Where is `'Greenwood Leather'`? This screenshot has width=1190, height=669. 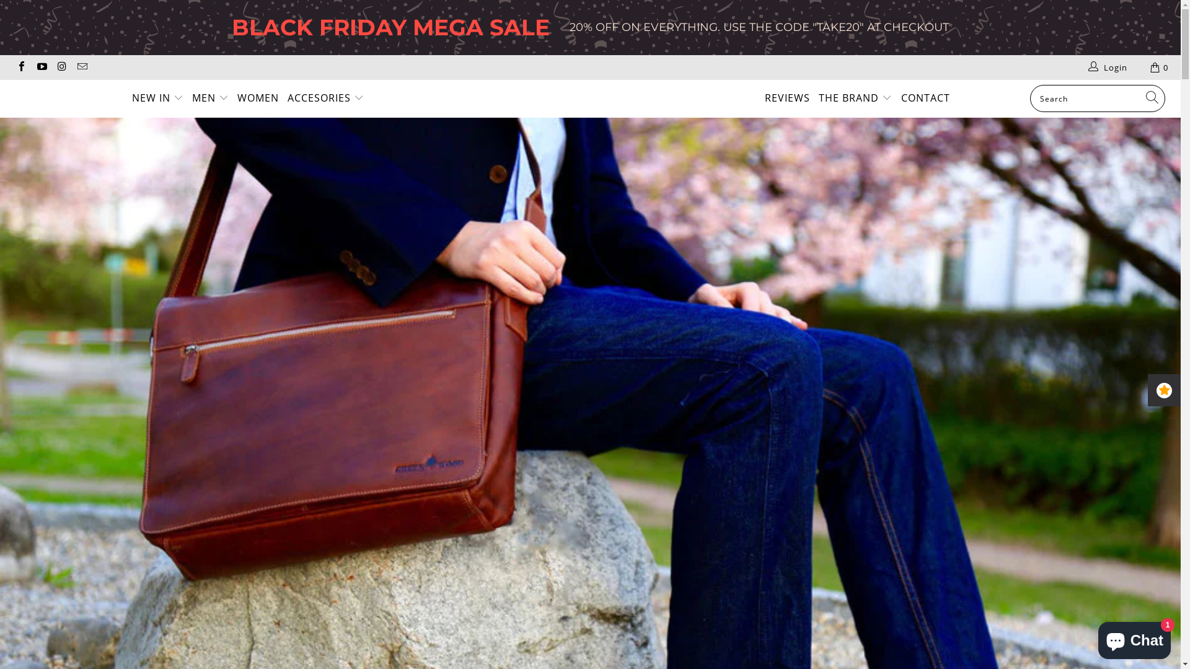
'Greenwood Leather' is located at coordinates (508, 83).